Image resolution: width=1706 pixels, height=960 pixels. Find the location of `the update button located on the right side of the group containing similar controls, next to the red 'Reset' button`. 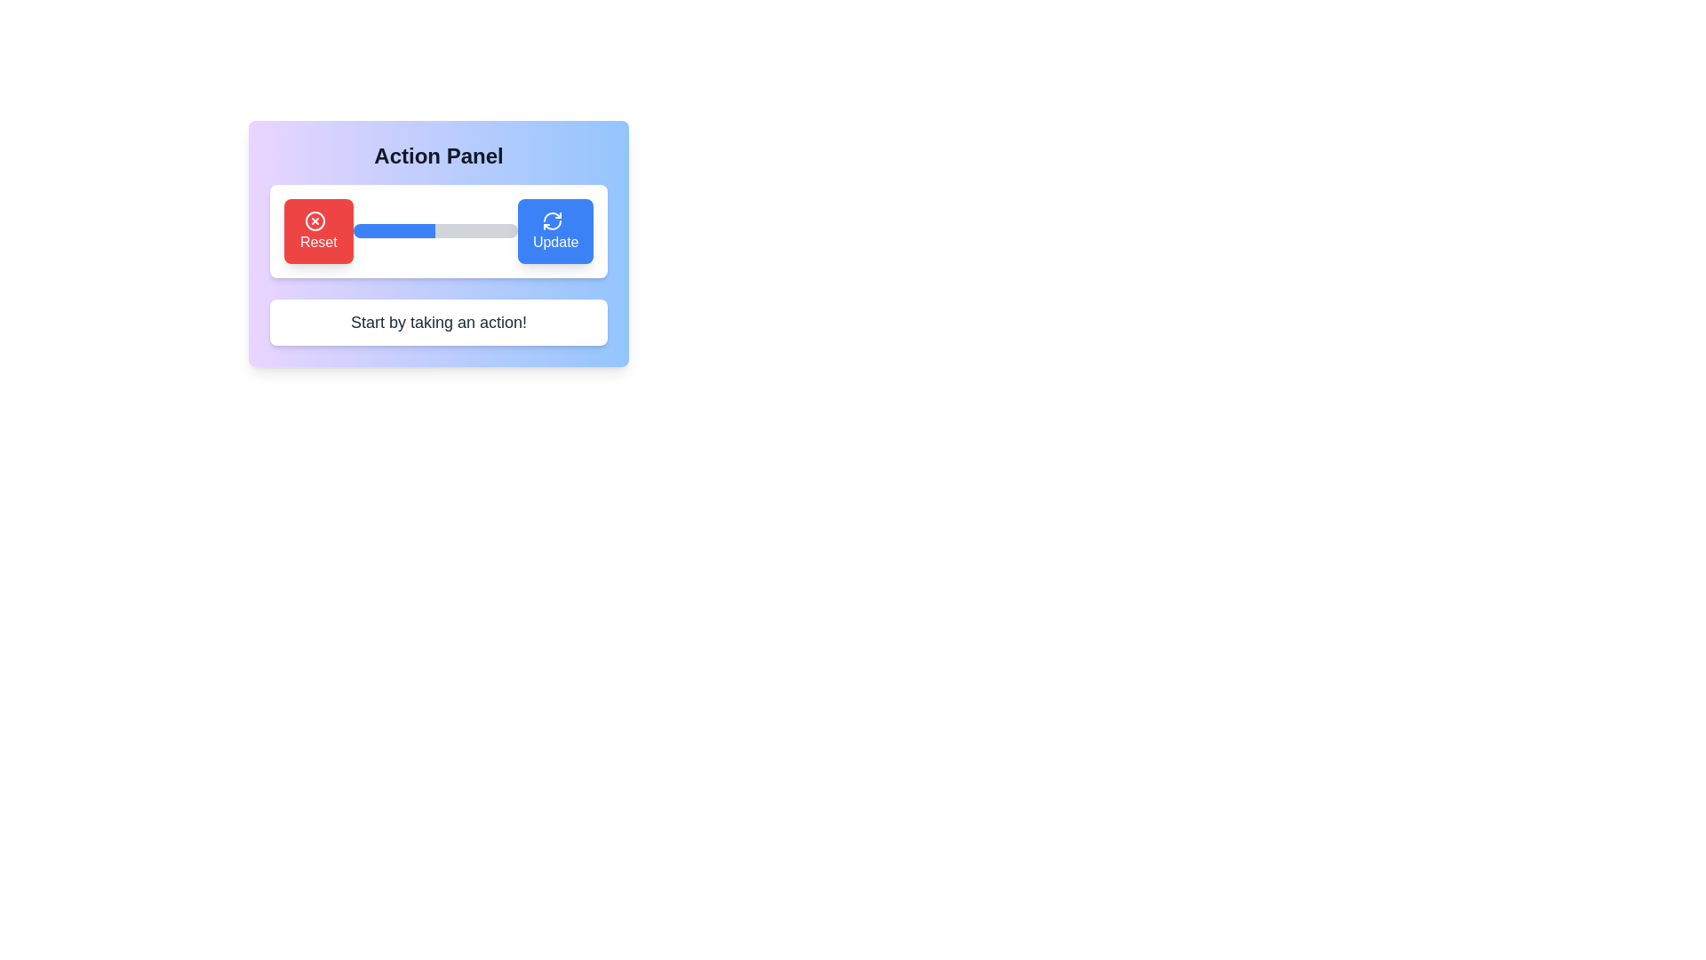

the update button located on the right side of the group containing similar controls, next to the red 'Reset' button is located at coordinates (554, 230).